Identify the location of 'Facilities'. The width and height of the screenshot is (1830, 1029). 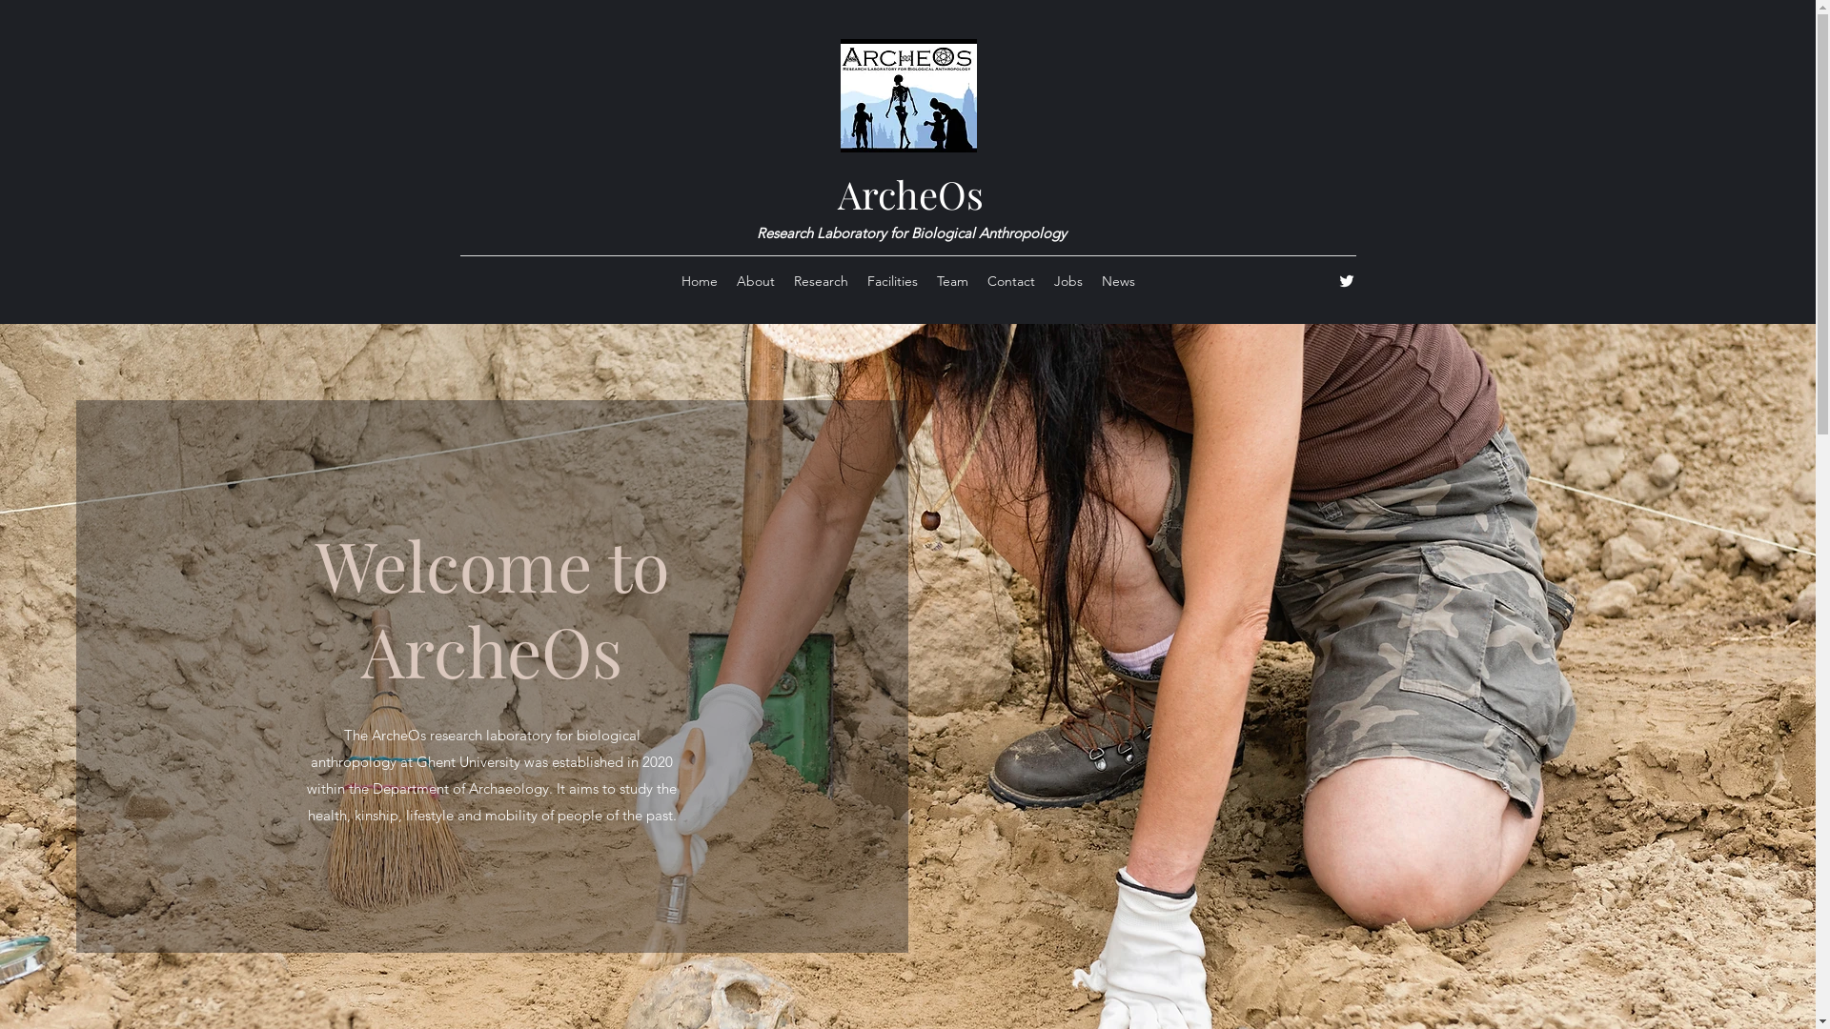
(891, 280).